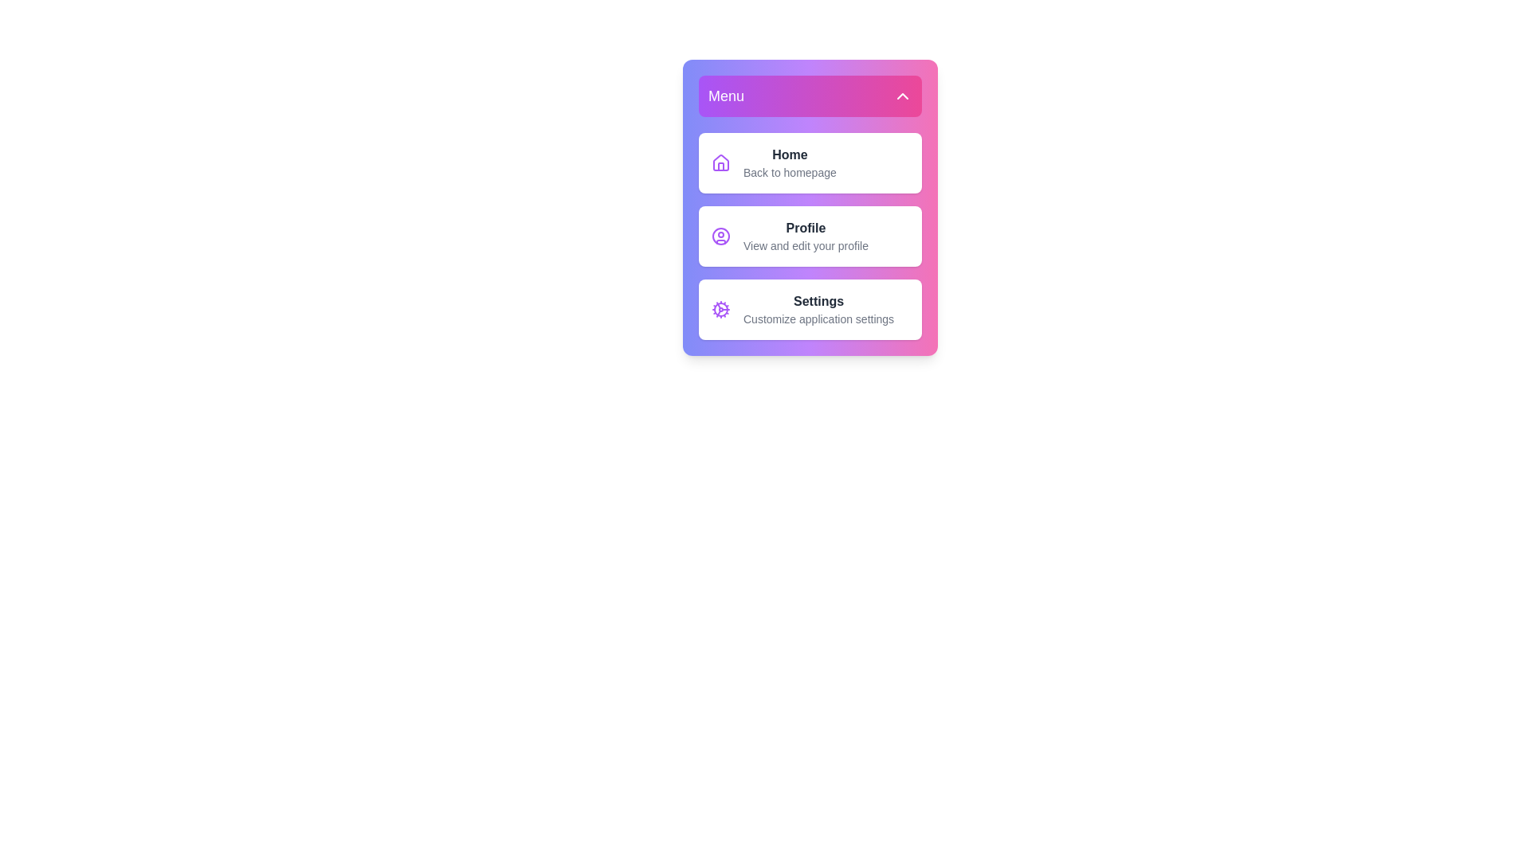 This screenshot has height=860, width=1530. What do you see at coordinates (810, 310) in the screenshot?
I see `the Settings menu item to select it` at bounding box center [810, 310].